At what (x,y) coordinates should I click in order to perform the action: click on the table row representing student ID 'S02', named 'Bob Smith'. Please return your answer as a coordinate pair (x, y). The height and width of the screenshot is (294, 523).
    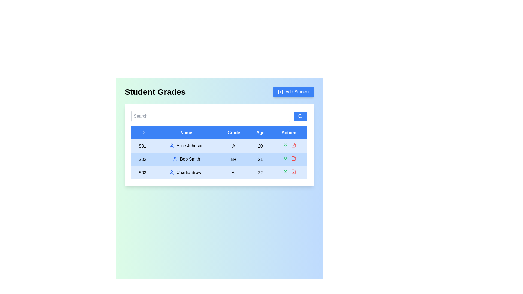
    Looking at the image, I should click on (219, 159).